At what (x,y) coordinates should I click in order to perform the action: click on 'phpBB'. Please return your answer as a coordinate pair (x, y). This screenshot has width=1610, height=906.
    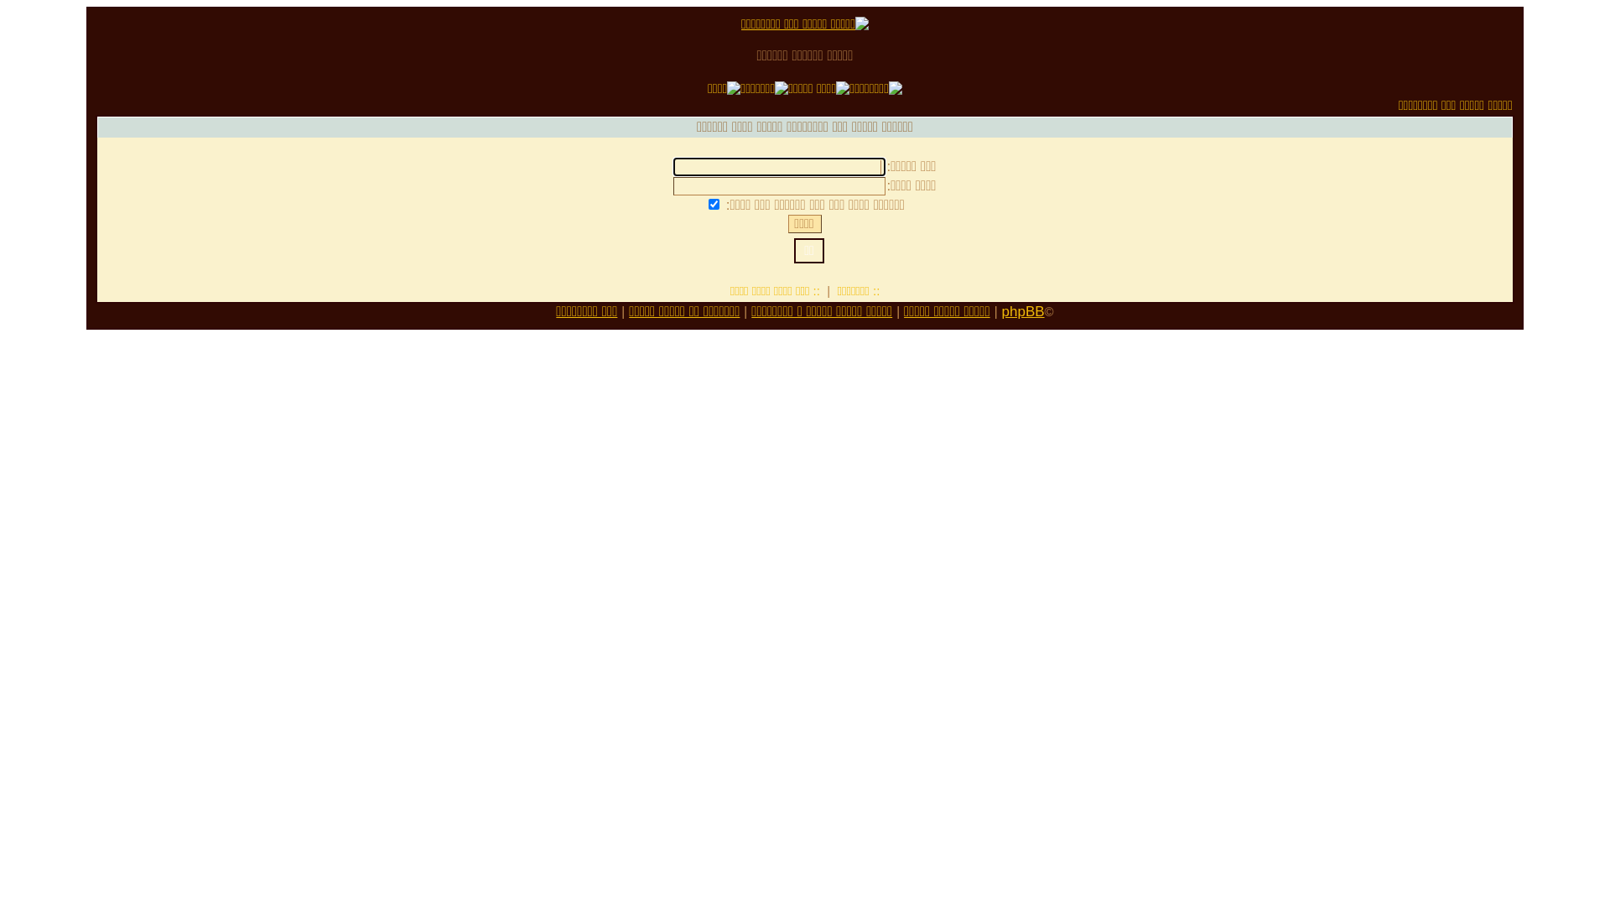
    Looking at the image, I should click on (1022, 311).